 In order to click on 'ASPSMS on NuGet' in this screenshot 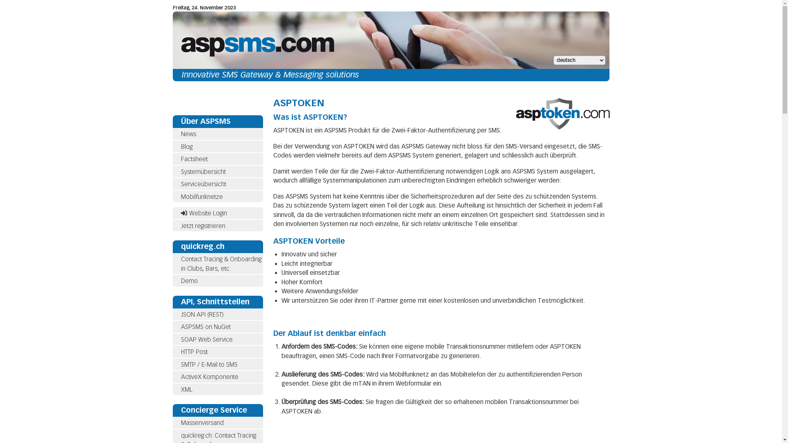, I will do `click(217, 327)`.